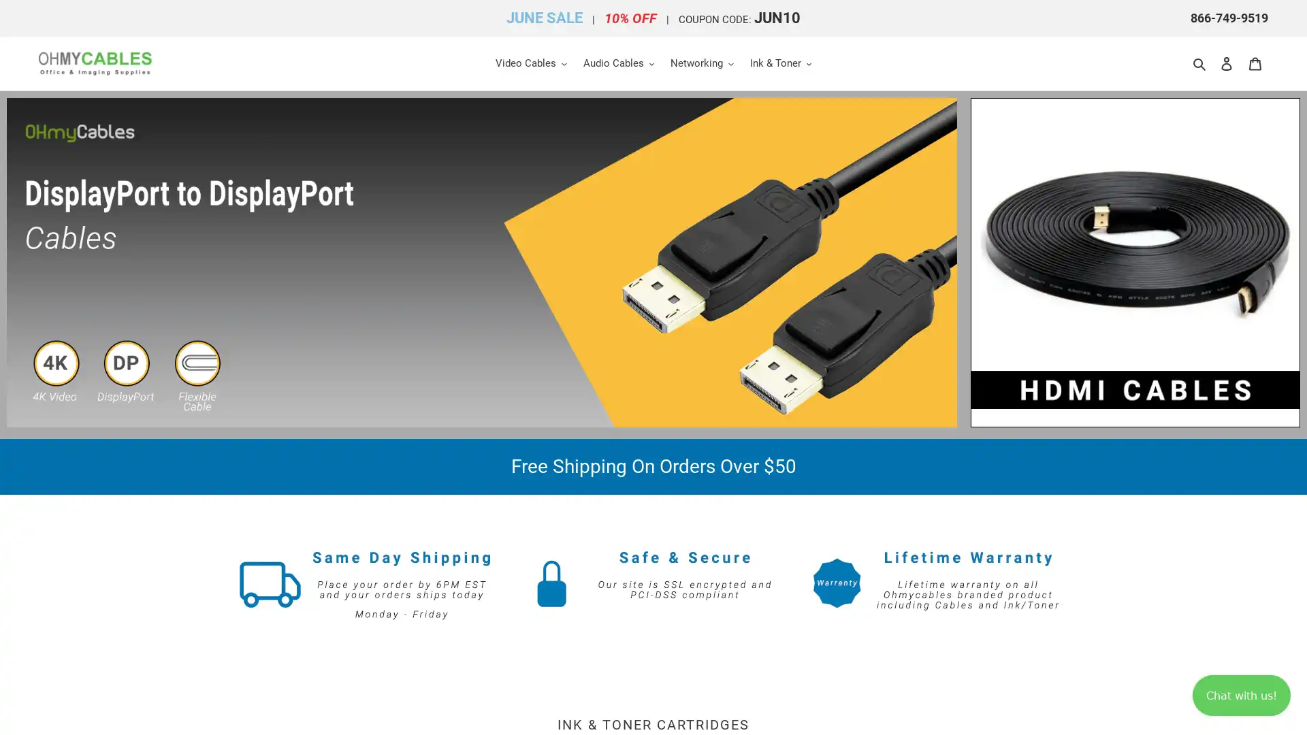  I want to click on Video Cables, so click(530, 63).